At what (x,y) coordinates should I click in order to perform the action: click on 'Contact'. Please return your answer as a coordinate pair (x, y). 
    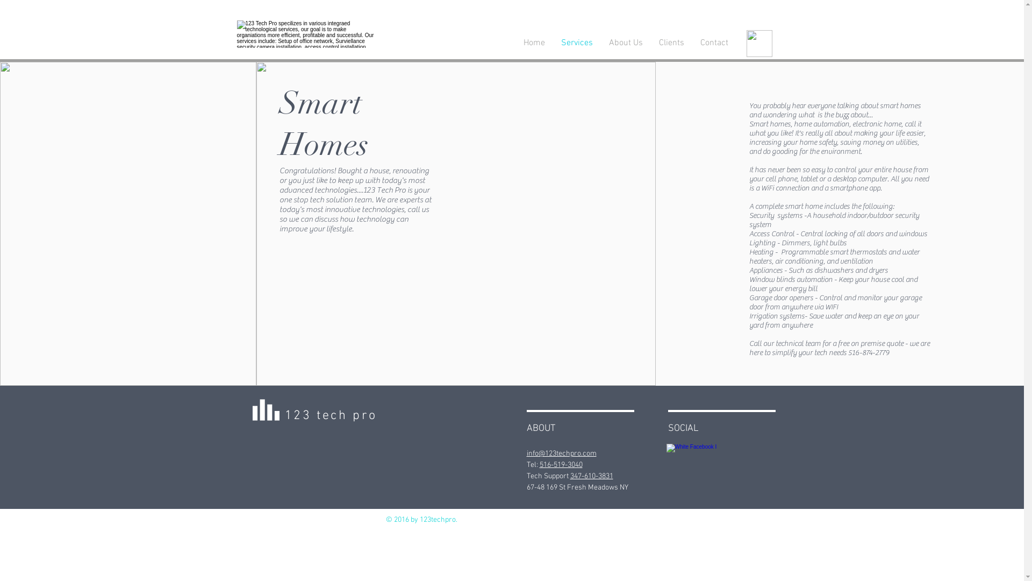
    Looking at the image, I should click on (714, 42).